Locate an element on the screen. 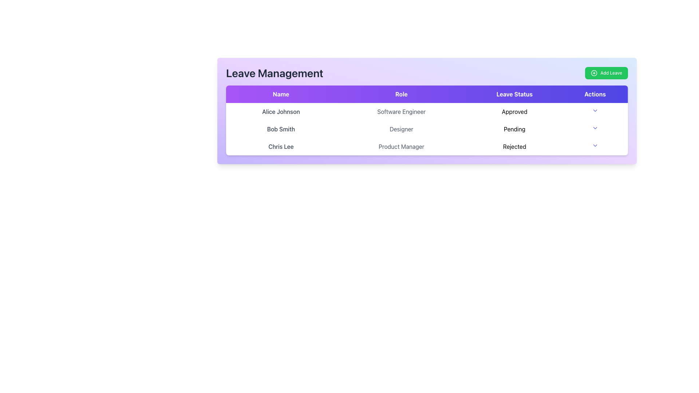 The height and width of the screenshot is (393, 699). the dropdown icon in the third row under the 'Actions' column of the table is located at coordinates (595, 146).